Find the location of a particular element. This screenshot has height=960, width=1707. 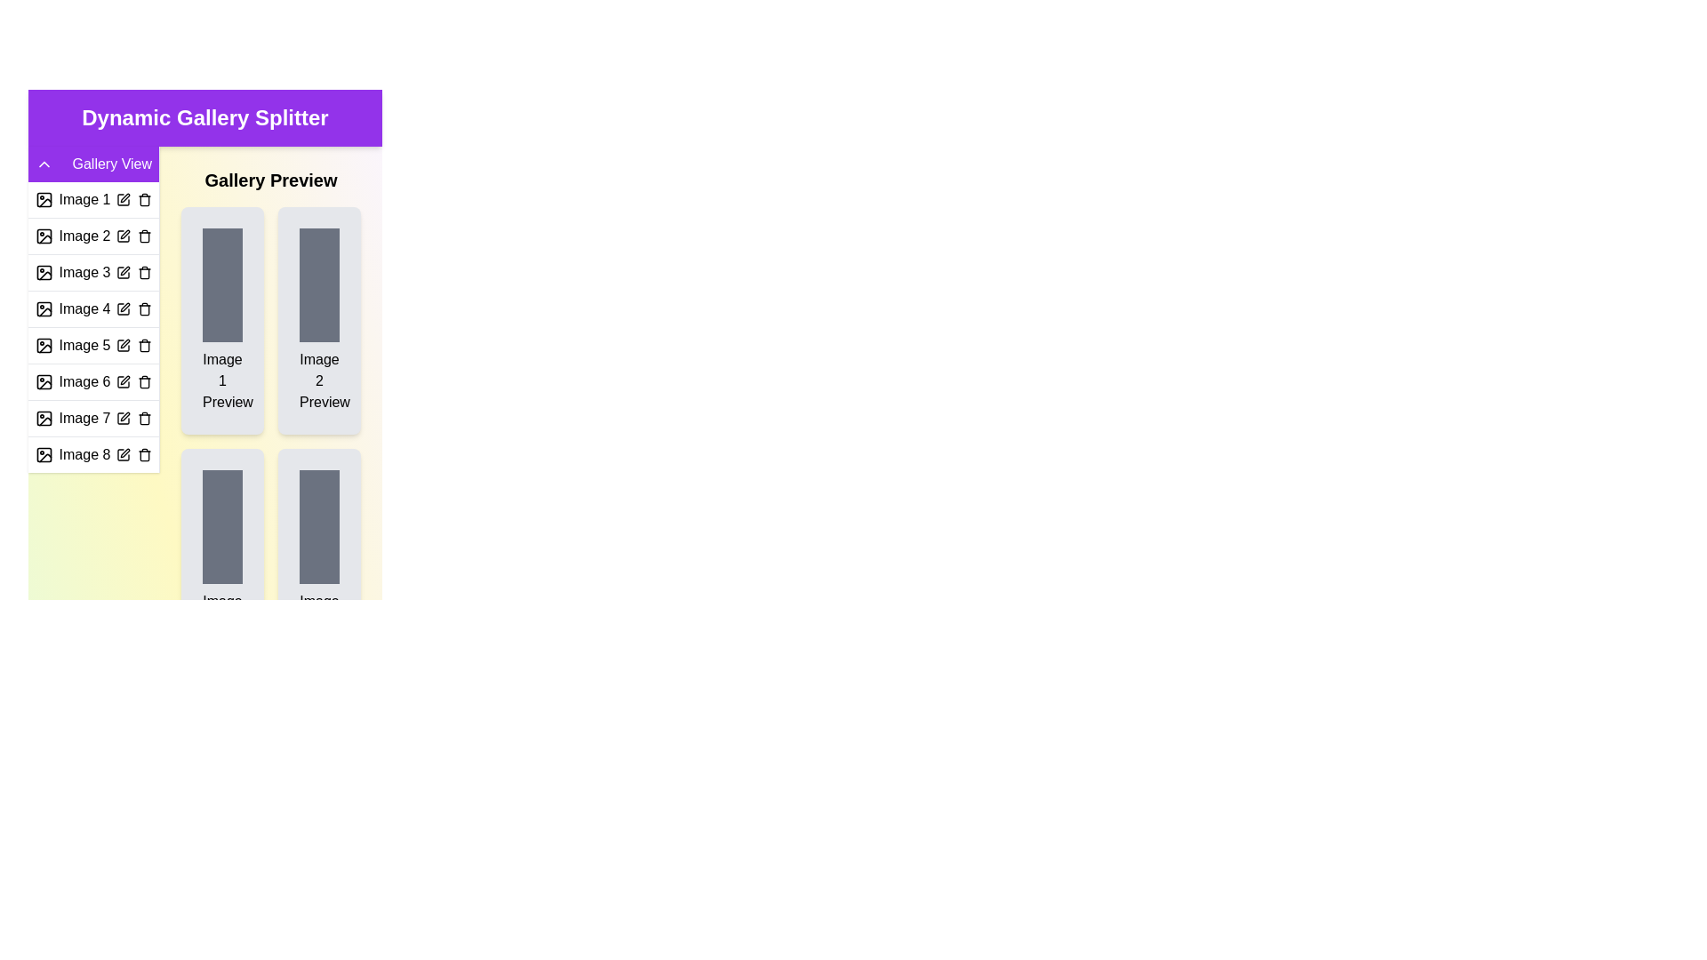

the 'Edit' button icon located next to the text label 'Image 4' in the fourth row of the image list to initiate an edit operation for the associated image item is located at coordinates (123, 308).